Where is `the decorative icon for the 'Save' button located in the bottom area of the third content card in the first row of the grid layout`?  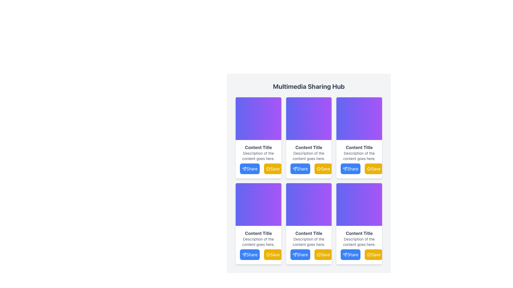 the decorative icon for the 'Save' button located in the bottom area of the third content card in the first row of the grid layout is located at coordinates (369, 169).